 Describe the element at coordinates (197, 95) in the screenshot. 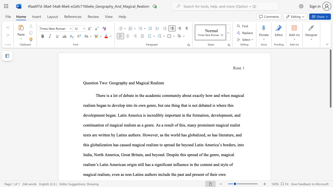

I see `the 6th character "a" in the text` at that location.